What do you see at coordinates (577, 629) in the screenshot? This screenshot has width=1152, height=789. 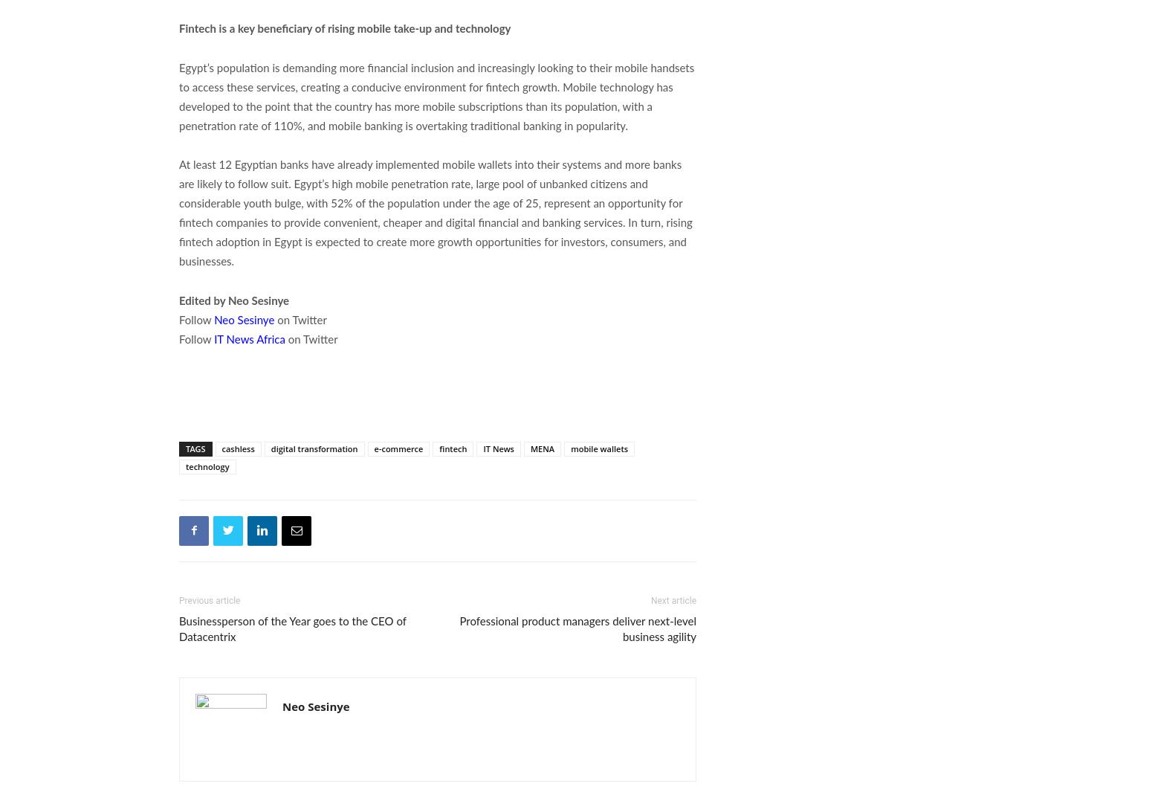 I see `'Professional product managers deliver next-level business agility'` at bounding box center [577, 629].